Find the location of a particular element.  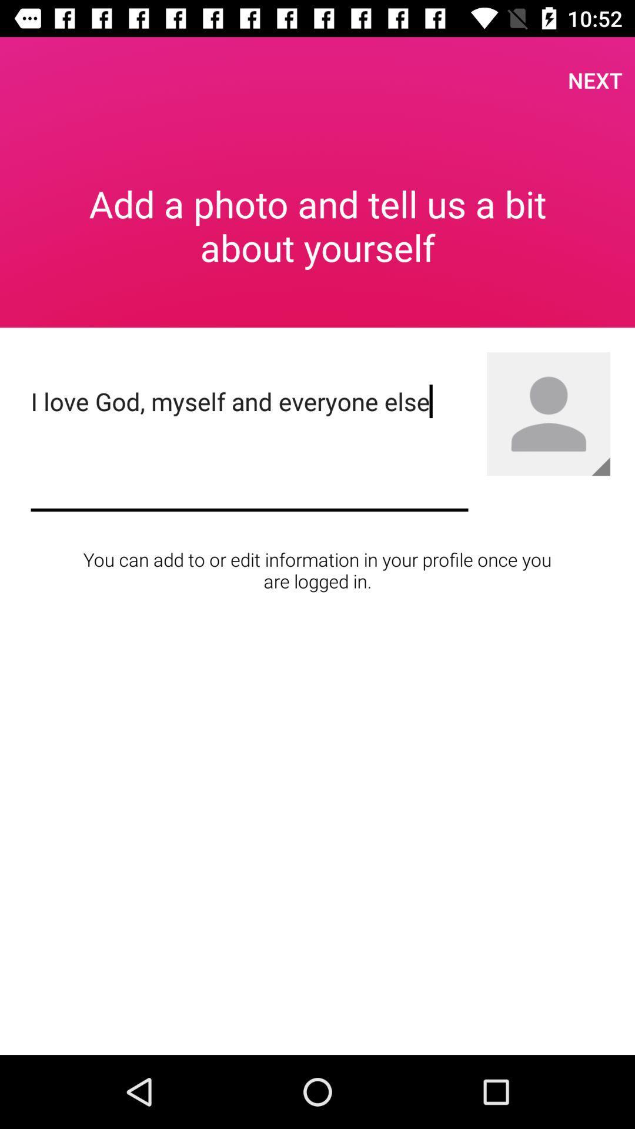

next item is located at coordinates (595, 79).